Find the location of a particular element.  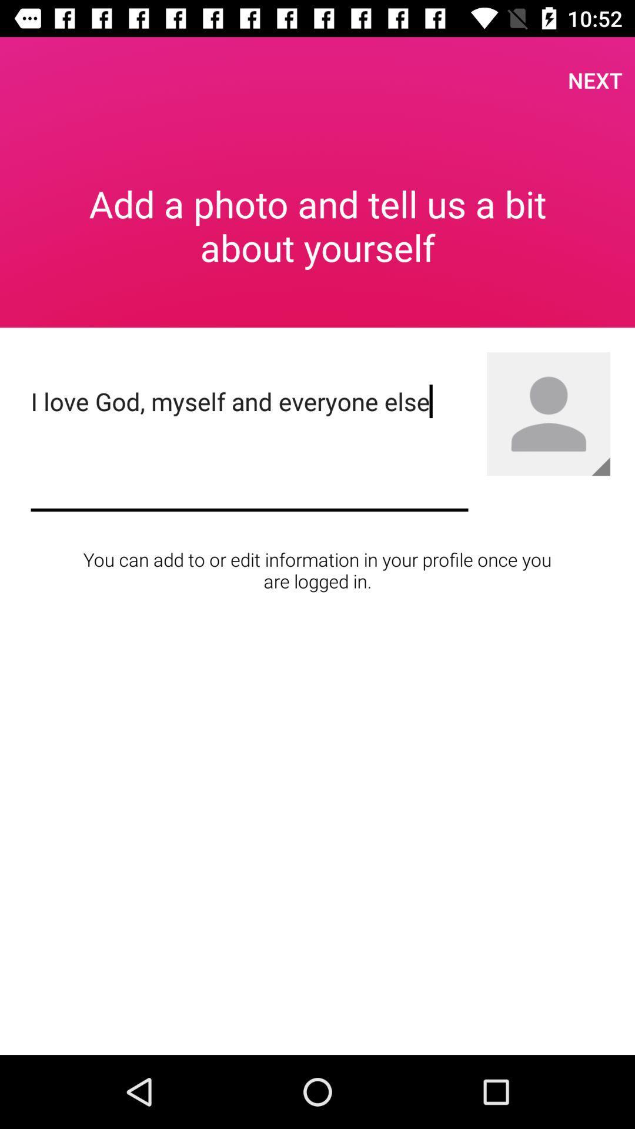

next item is located at coordinates (595, 79).